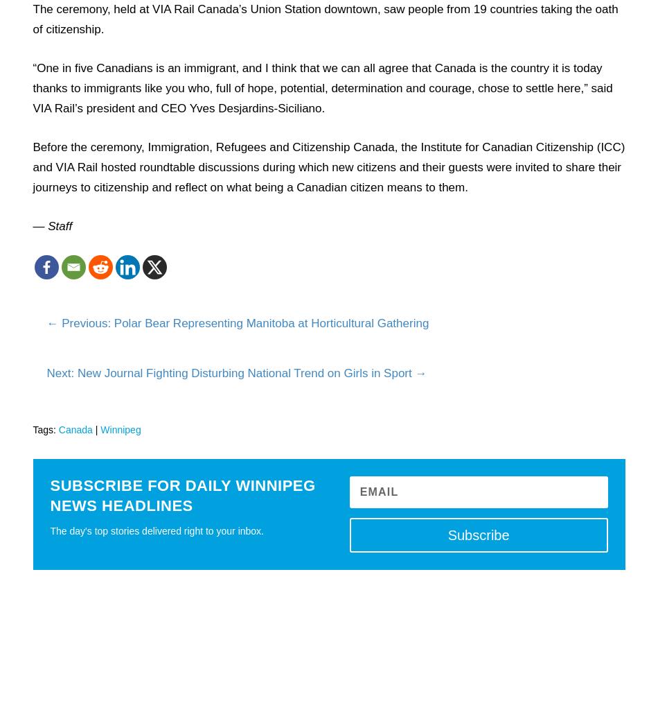 This screenshot has height=719, width=658. What do you see at coordinates (228, 372) in the screenshot?
I see `'Next: New Journal Fighting Disturbing National Trend on Girls in Sport'` at bounding box center [228, 372].